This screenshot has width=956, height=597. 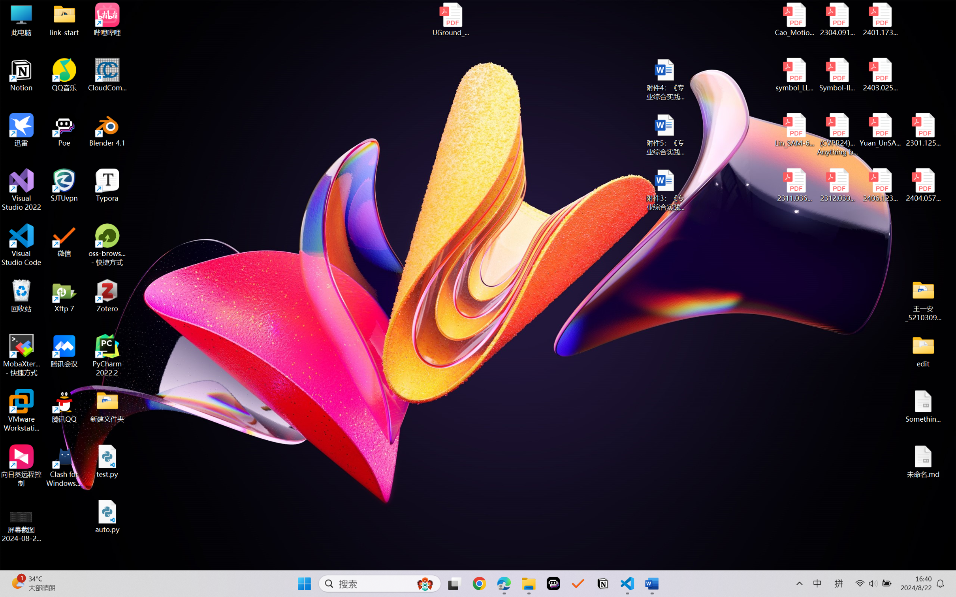 What do you see at coordinates (64, 130) in the screenshot?
I see `'Poe'` at bounding box center [64, 130].